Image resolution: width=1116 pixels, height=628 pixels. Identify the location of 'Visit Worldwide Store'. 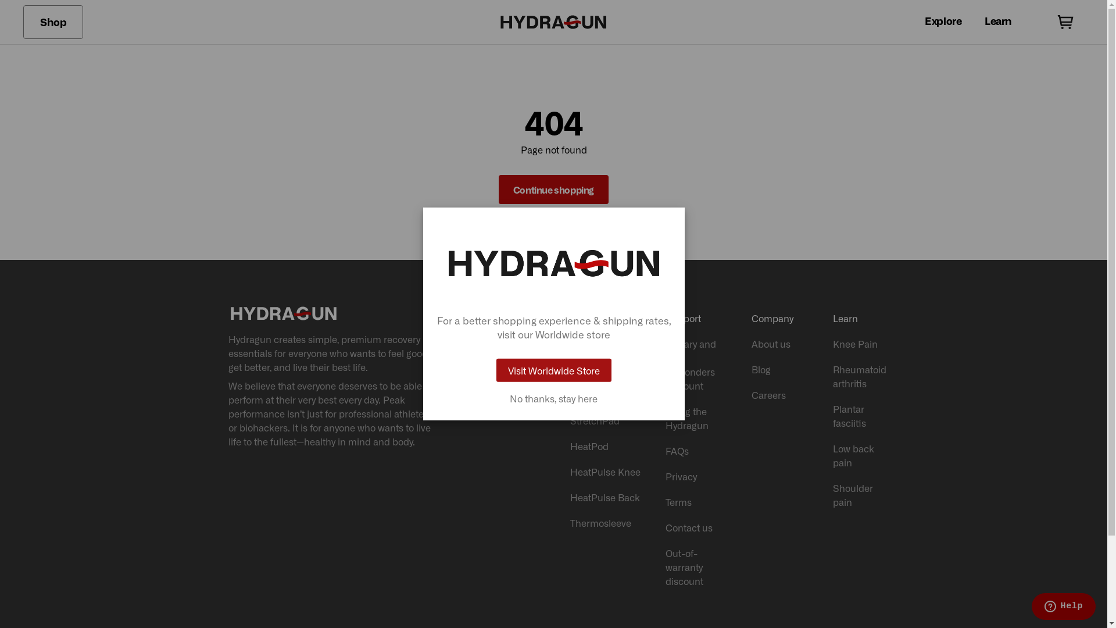
(553, 370).